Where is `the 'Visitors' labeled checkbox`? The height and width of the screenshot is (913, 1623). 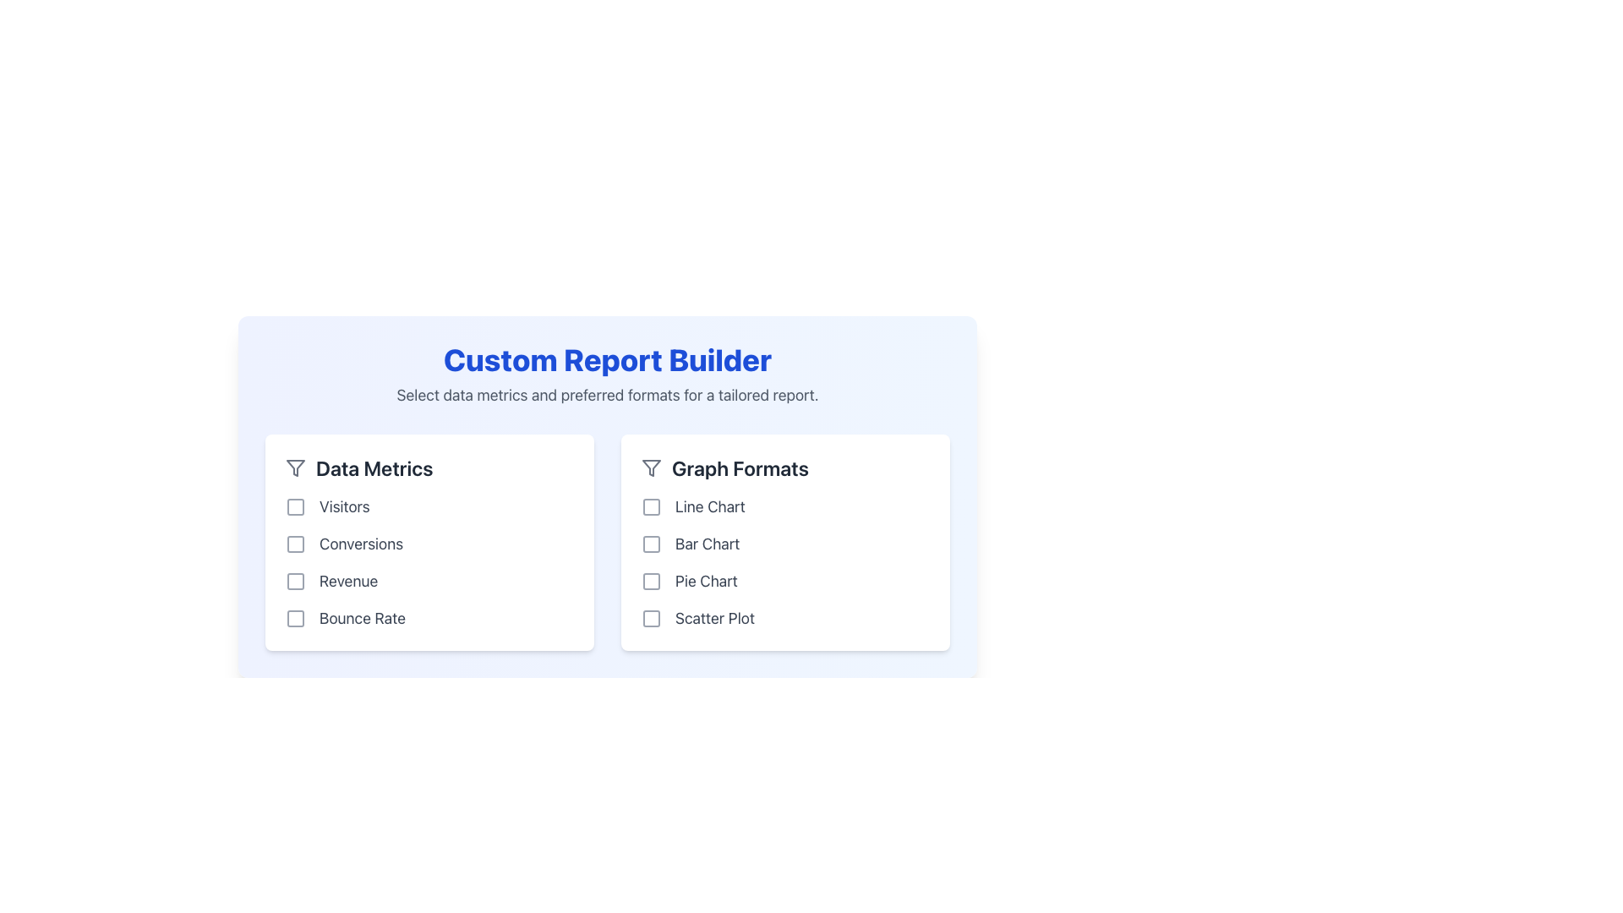
the 'Visitors' labeled checkbox is located at coordinates (429, 506).